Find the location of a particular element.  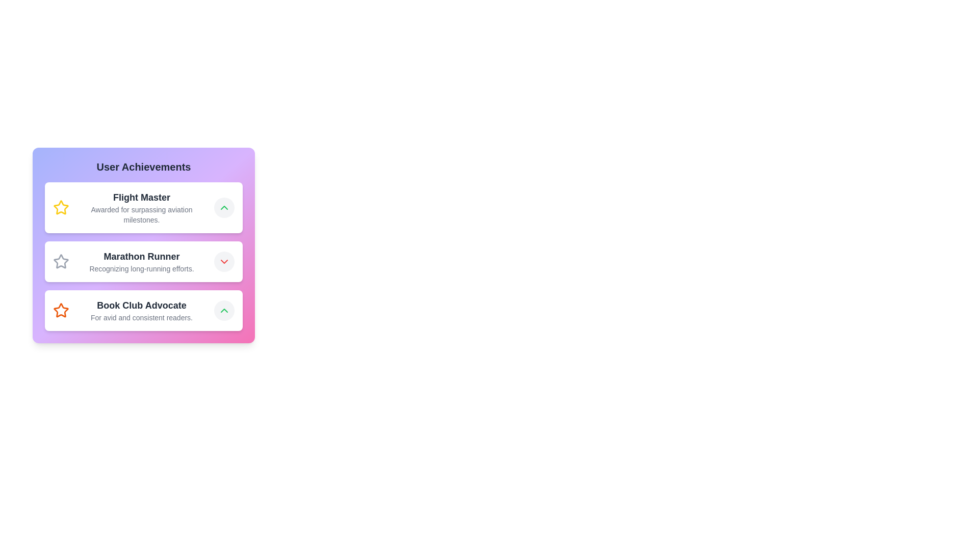

the achievement icon representing the 'Marathon Runner' title, located at the top-left corner of the second card in the 'User Achievements' section is located at coordinates (61, 261).